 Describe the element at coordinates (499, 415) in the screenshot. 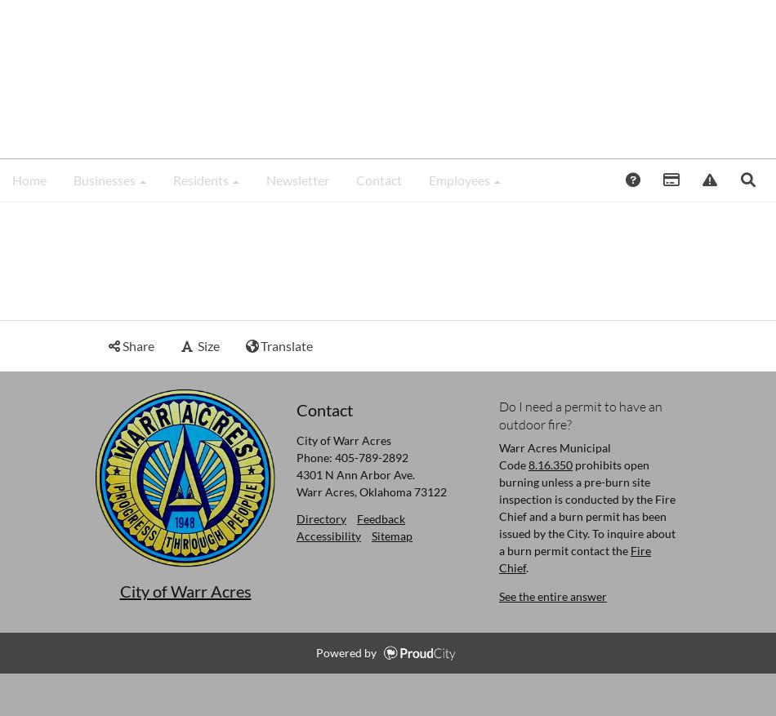

I see `'Do I need a permit to have an outdoor fire?'` at that location.